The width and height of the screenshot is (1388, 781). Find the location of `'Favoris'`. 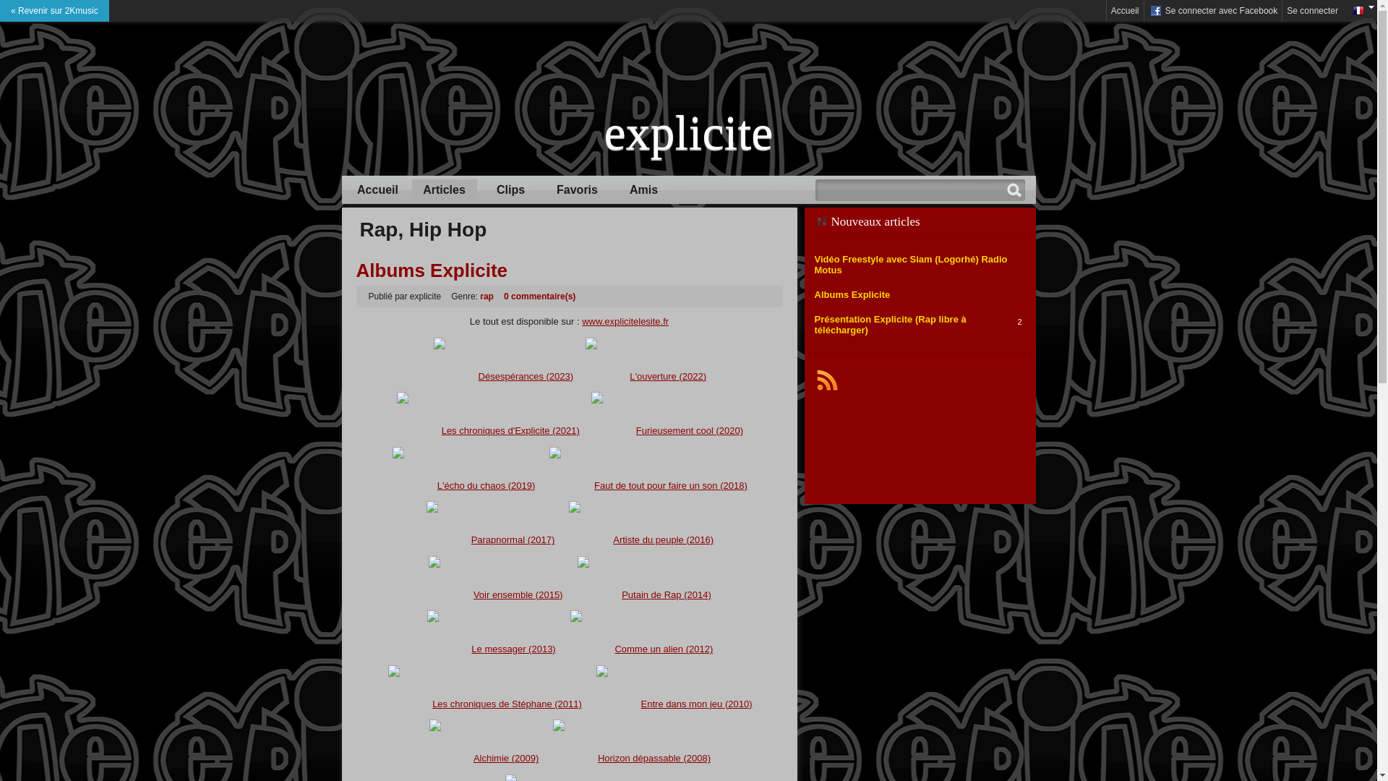

'Favoris' is located at coordinates (576, 189).